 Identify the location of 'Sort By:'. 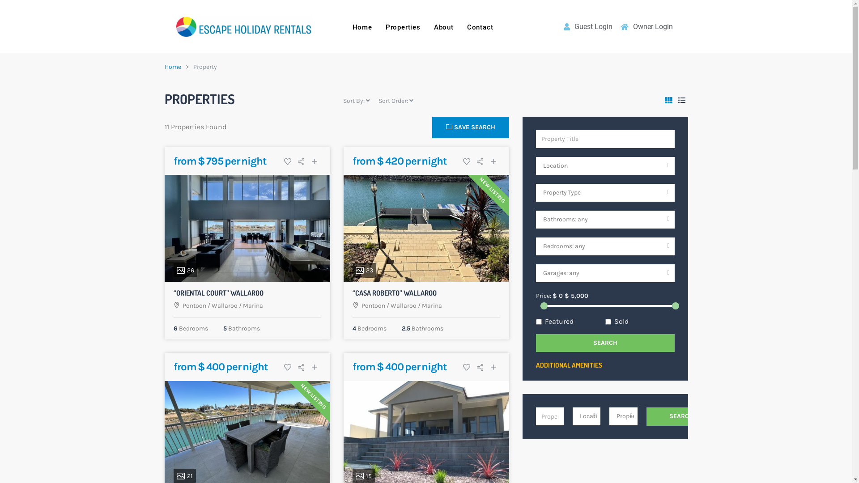
(343, 101).